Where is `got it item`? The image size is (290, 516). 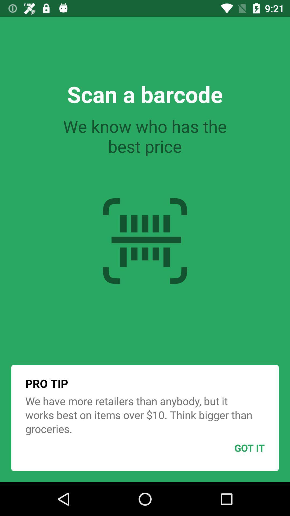 got it item is located at coordinates (236, 448).